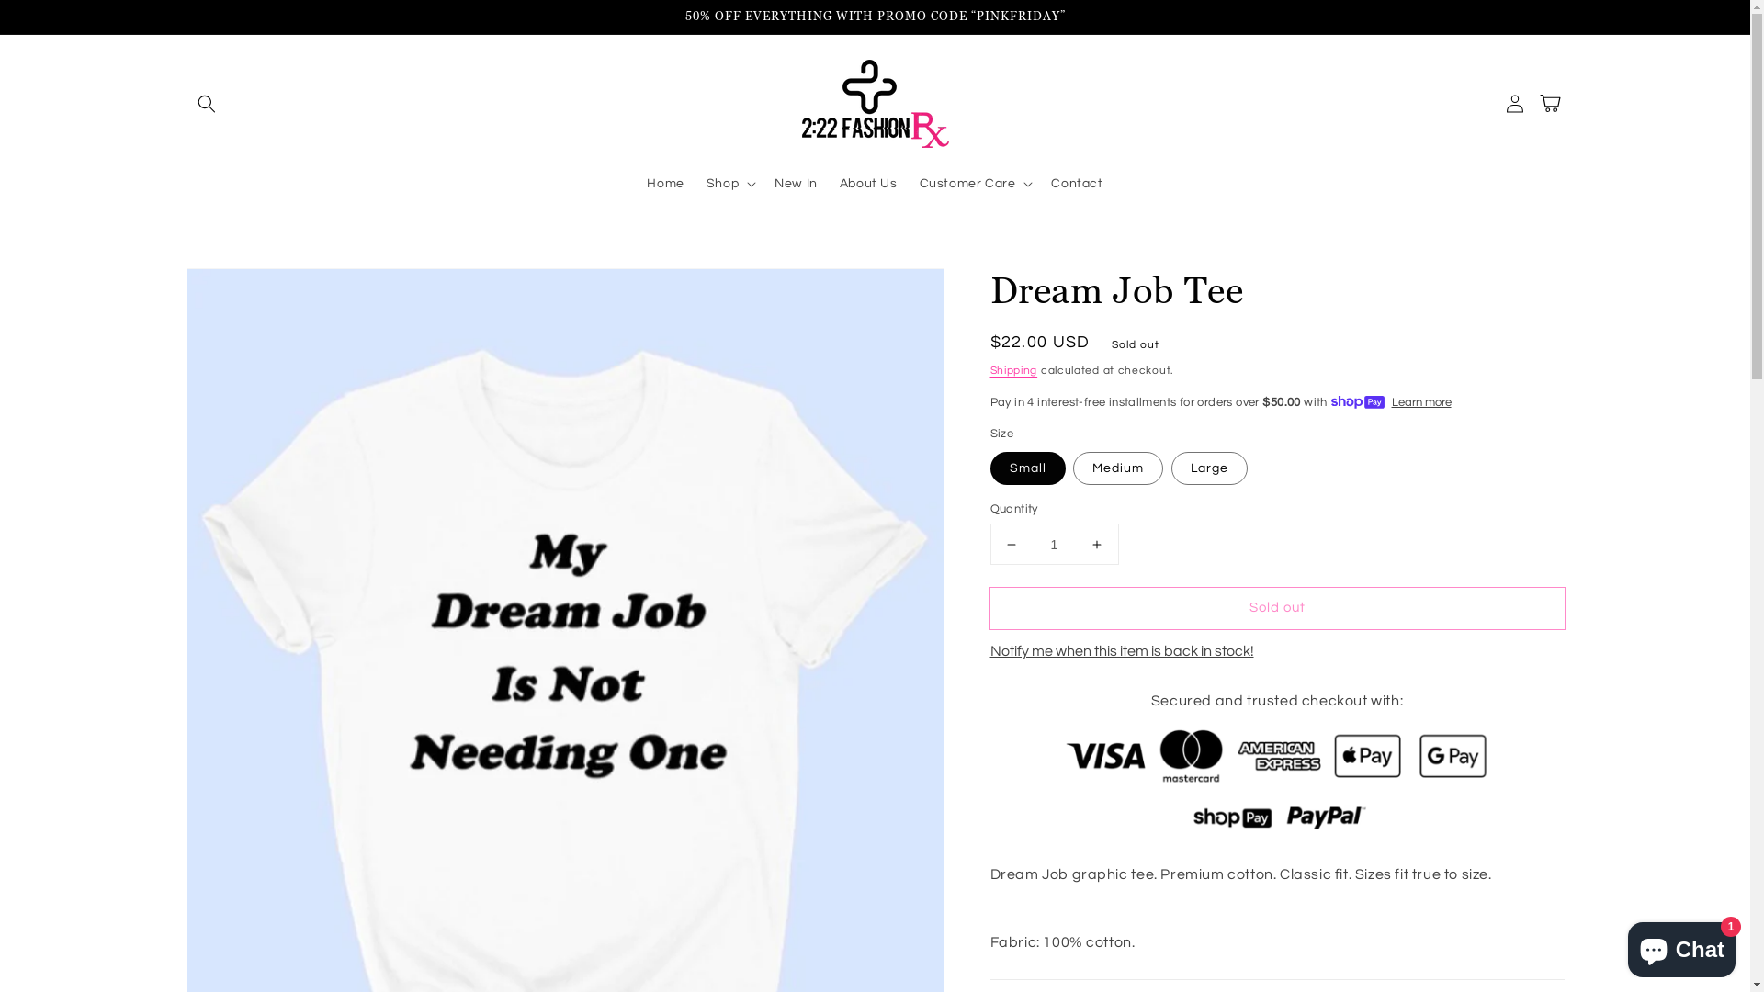 This screenshot has height=992, width=1764. What do you see at coordinates (664, 184) in the screenshot?
I see `'Home'` at bounding box center [664, 184].